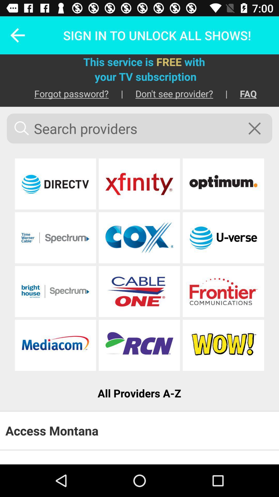 This screenshot has height=497, width=279. What do you see at coordinates (55, 184) in the screenshot?
I see `provider link` at bounding box center [55, 184].